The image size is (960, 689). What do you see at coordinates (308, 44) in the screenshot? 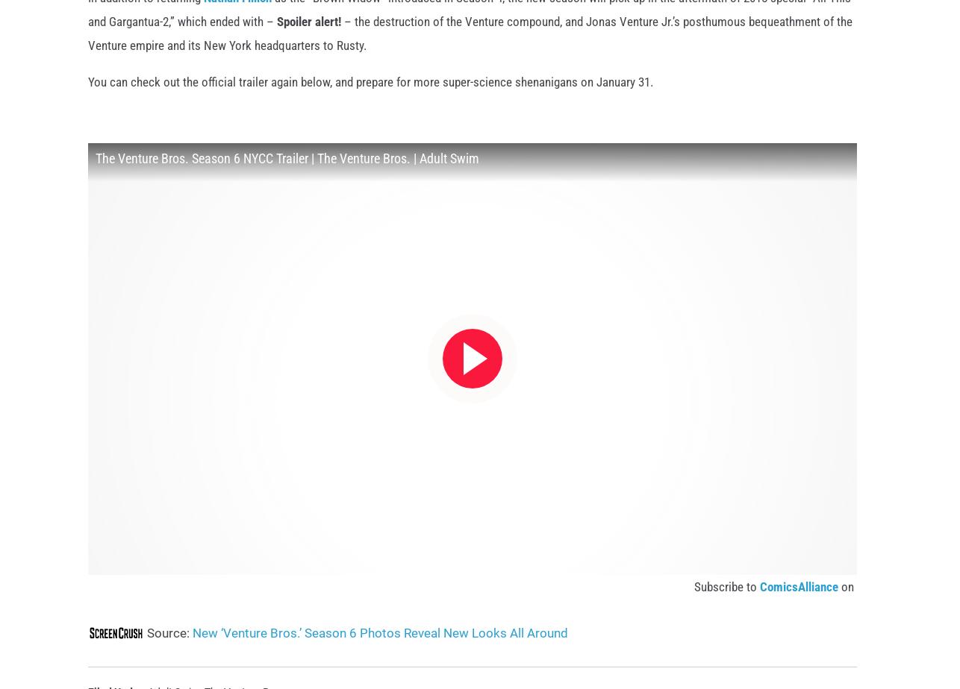
I see `'Spoiler alert!'` at bounding box center [308, 44].